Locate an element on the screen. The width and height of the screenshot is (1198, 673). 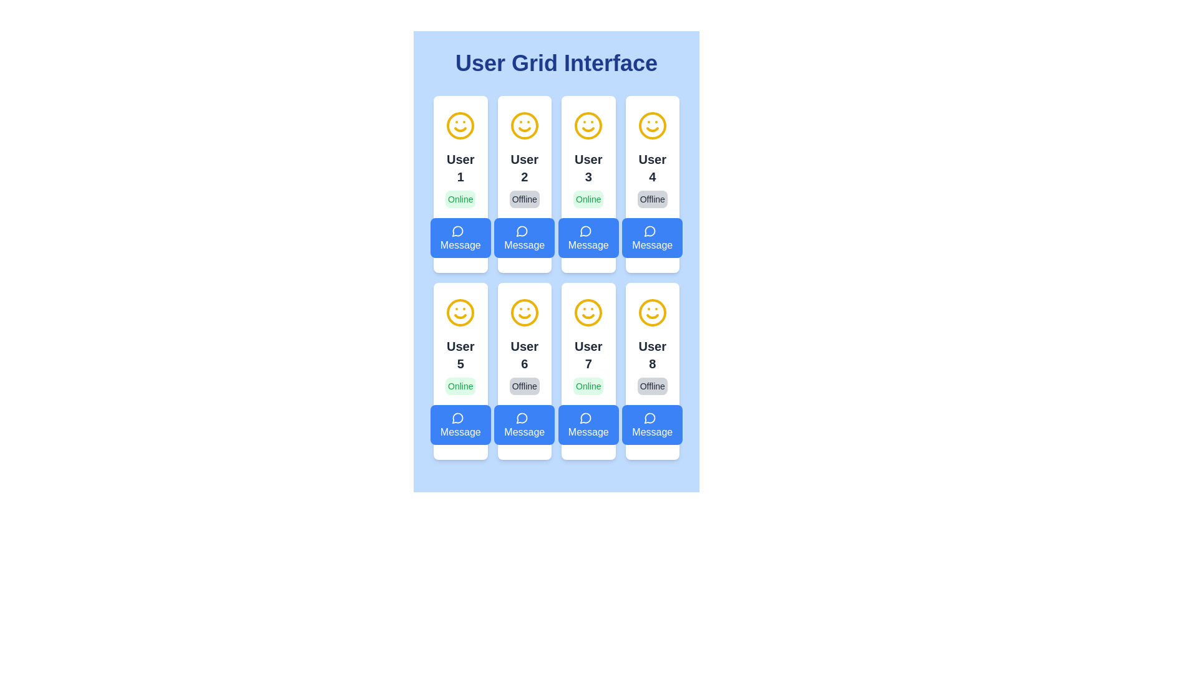
the circular chat bubble icon filled with a blue background that represents the messaging feature for 'User 7' is located at coordinates (585, 418).